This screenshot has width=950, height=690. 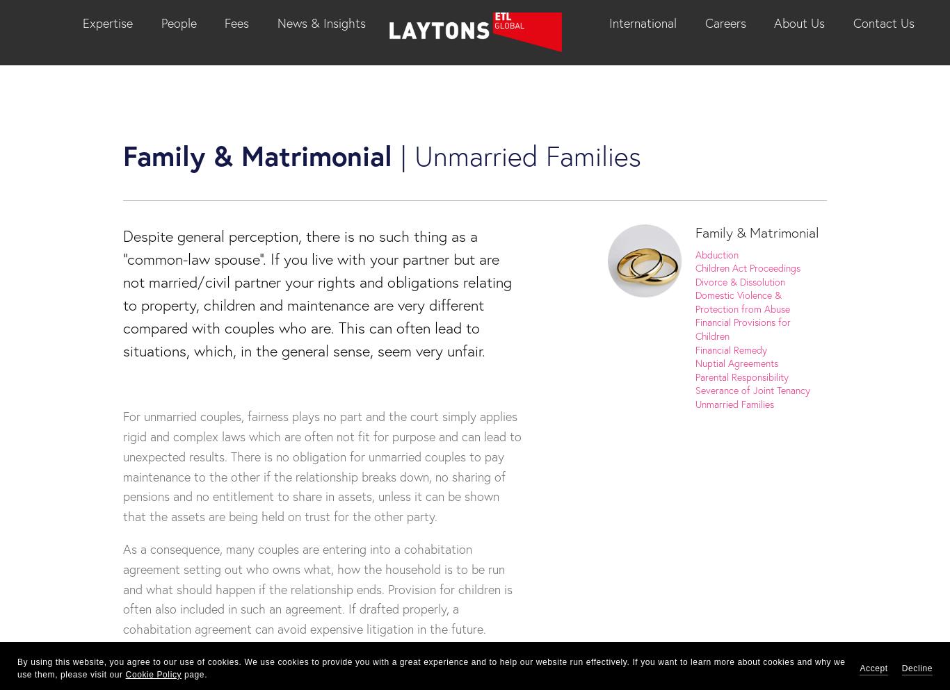 What do you see at coordinates (747, 267) in the screenshot?
I see `'Children Act Proceedings'` at bounding box center [747, 267].